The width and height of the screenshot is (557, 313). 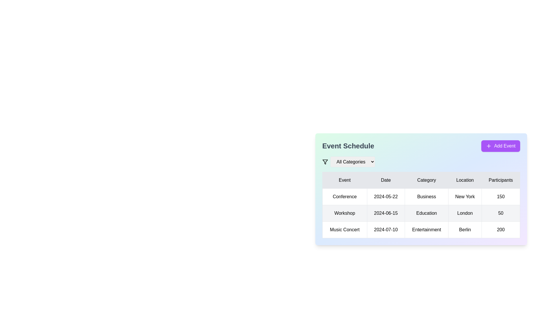 What do you see at coordinates (421, 213) in the screenshot?
I see `the second row of the data table displaying details about the 'Workshop' event scheduled for '2024-06-15' in 'London'` at bounding box center [421, 213].